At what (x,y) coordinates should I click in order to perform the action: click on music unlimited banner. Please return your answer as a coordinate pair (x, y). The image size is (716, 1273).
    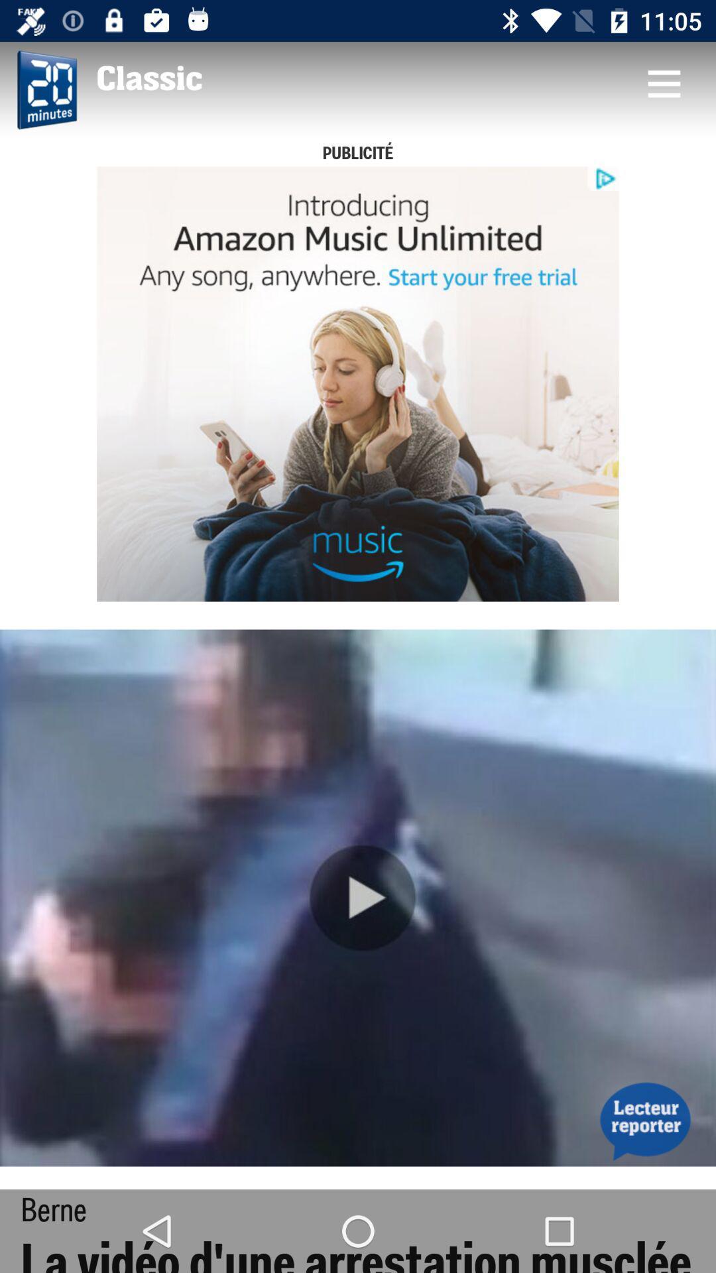
    Looking at the image, I should click on (358, 383).